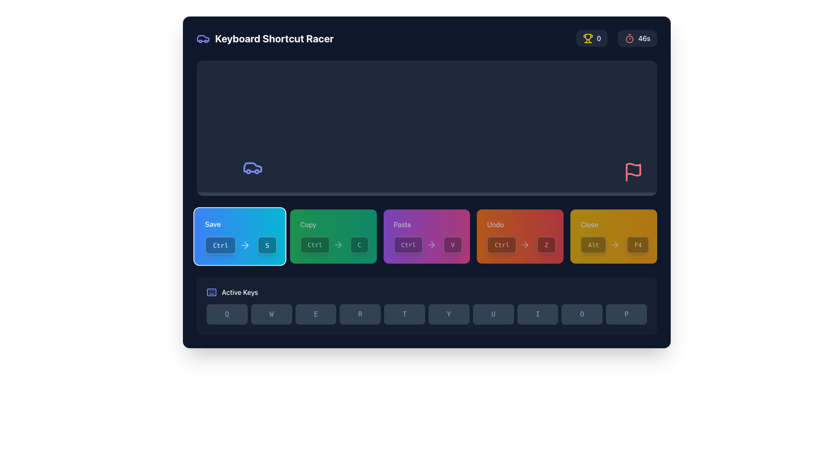 The width and height of the screenshot is (813, 457). I want to click on the 'Ctrl' key label located in the 'Copy' action card, which is the leftmost element in its group, so click(323, 245).